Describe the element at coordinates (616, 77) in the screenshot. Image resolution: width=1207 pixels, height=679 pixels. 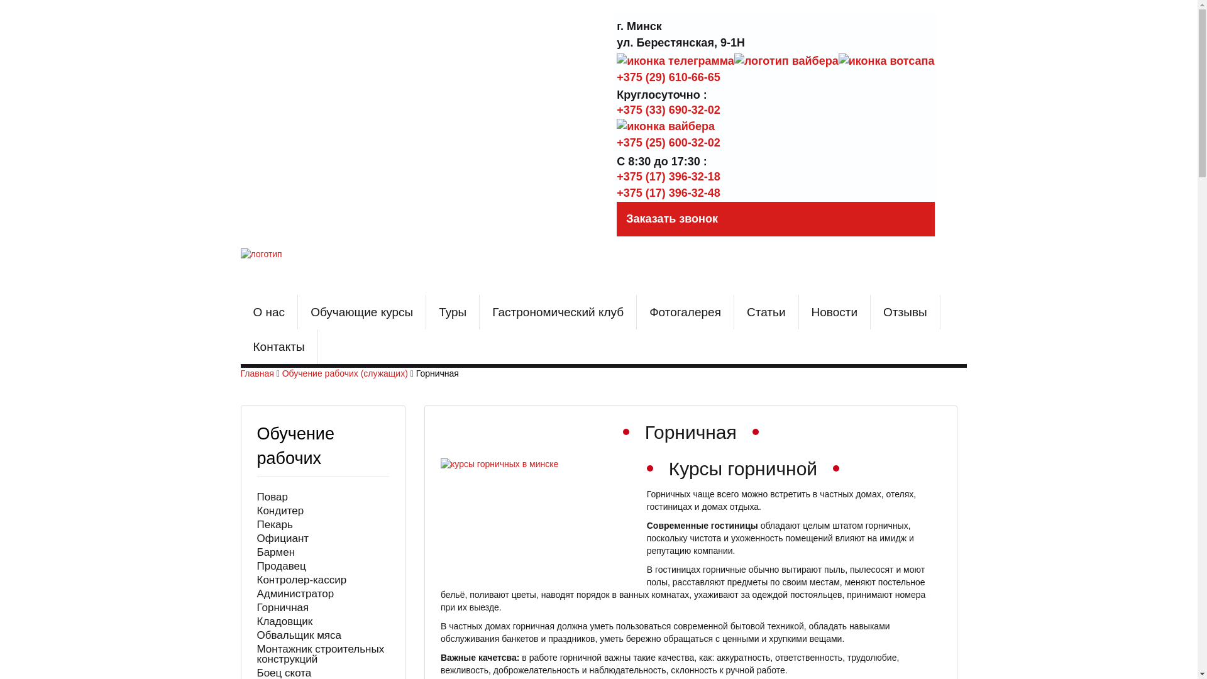
I see `'+375 (29) 610-66-65'` at that location.